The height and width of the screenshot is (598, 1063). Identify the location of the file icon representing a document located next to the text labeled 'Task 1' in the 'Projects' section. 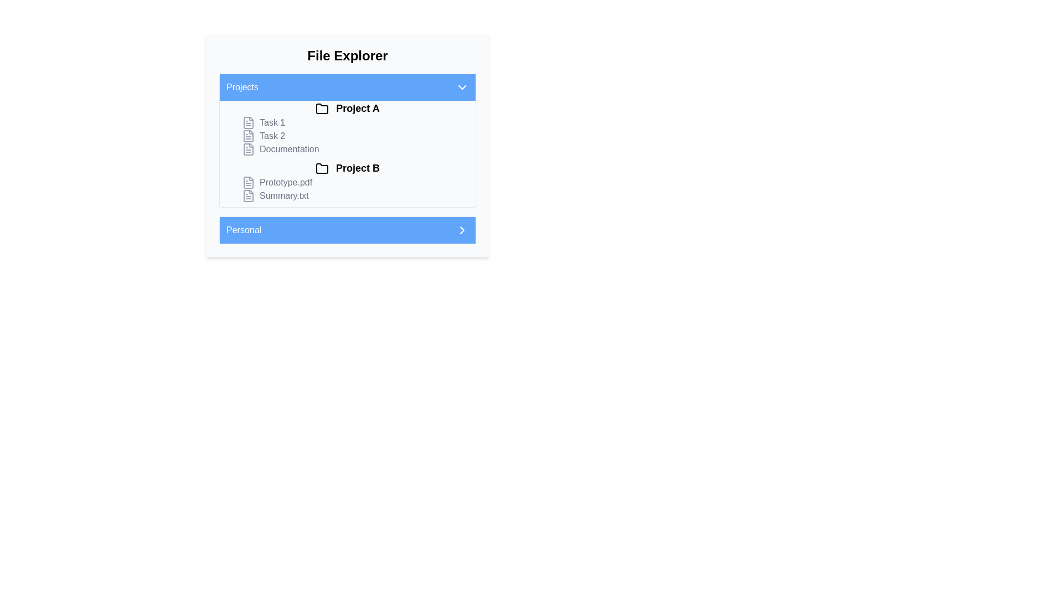
(248, 123).